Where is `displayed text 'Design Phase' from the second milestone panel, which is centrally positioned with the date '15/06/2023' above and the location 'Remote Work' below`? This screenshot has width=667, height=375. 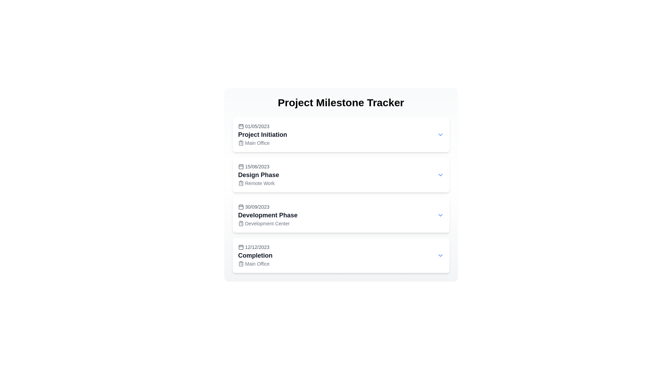
displayed text 'Design Phase' from the second milestone panel, which is centrally positioned with the date '15/06/2023' above and the location 'Remote Work' below is located at coordinates (258, 175).